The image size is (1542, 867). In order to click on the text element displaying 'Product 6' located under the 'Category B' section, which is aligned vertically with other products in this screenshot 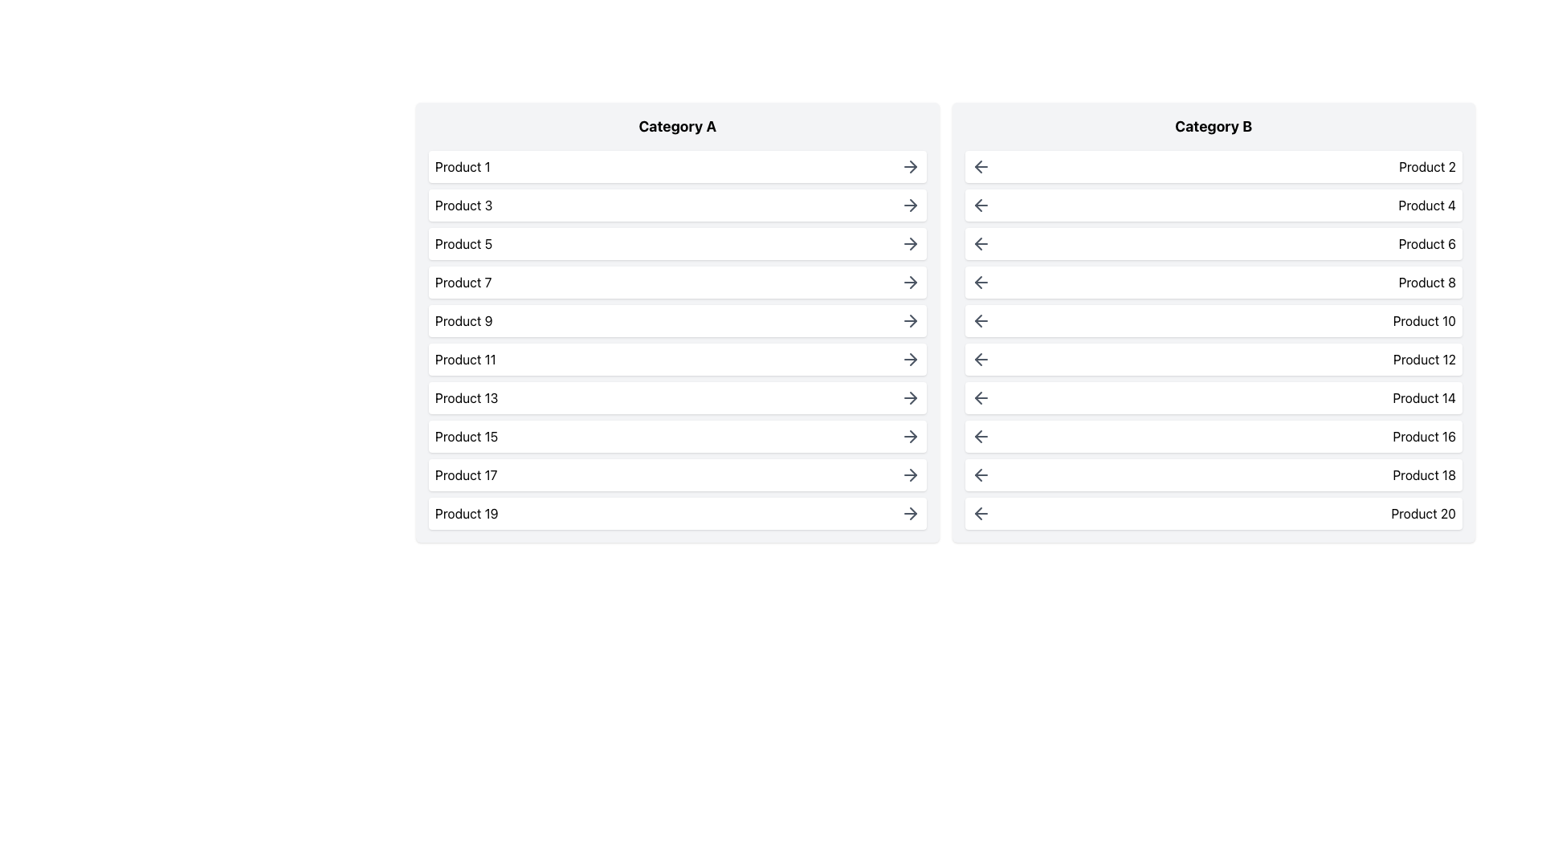, I will do `click(1427, 244)`.